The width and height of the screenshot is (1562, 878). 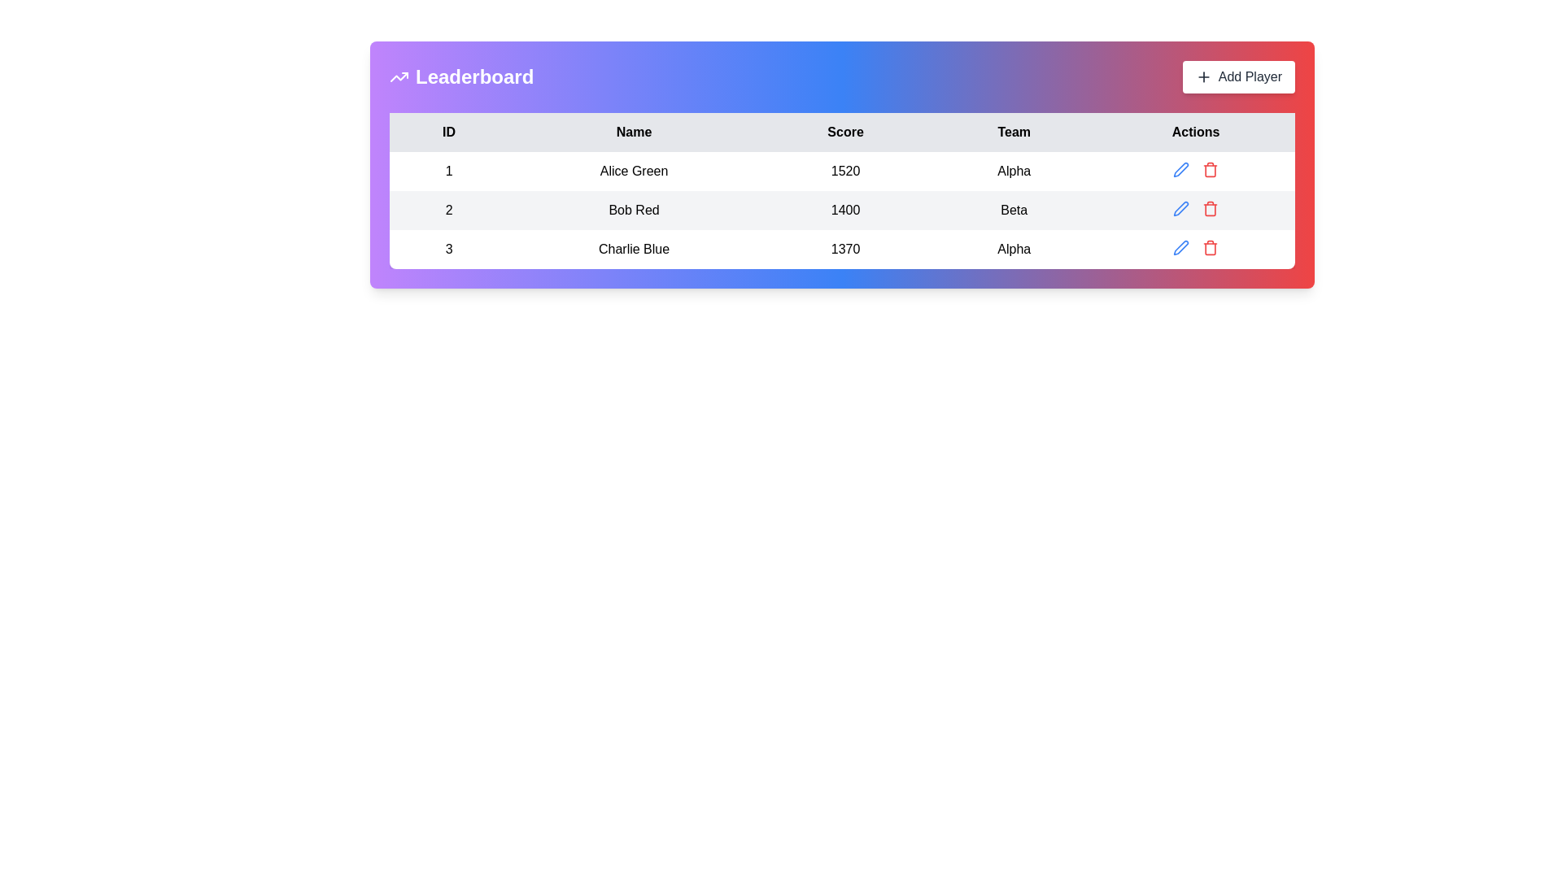 What do you see at coordinates (845, 250) in the screenshot?
I see `the numeric text '1370' which is centrally aligned in the 'Score' column of the leaderboard table, located in the third row corresponding to 'Charlie Blue'` at bounding box center [845, 250].